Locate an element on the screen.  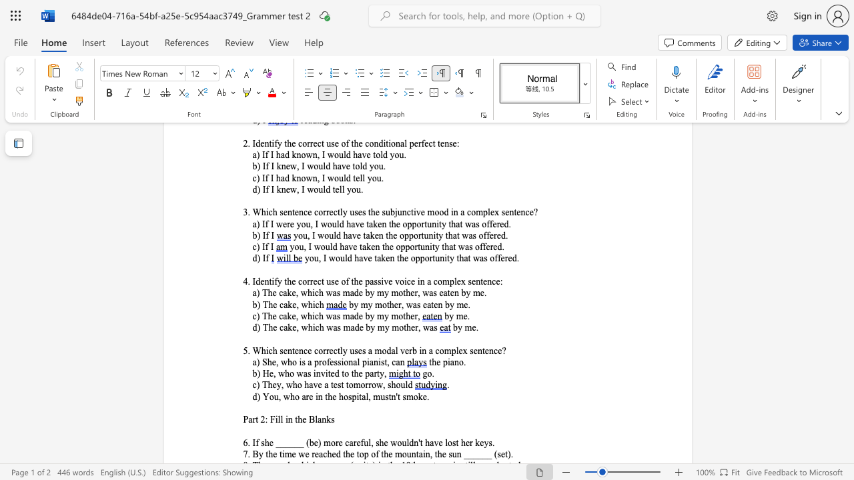
the subset text "e c" within the text "6. If she ______ (be) more careful, she" is located at coordinates (338, 443).